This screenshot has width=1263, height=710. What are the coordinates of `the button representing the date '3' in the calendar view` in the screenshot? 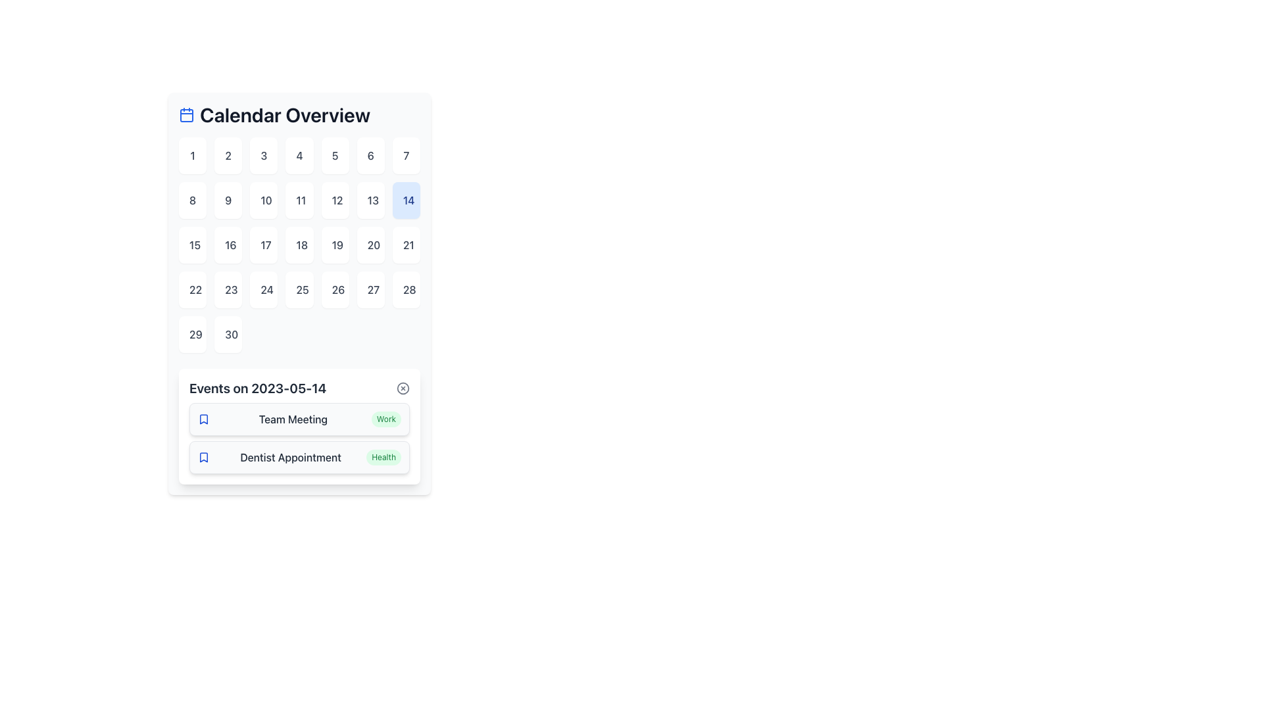 It's located at (263, 154).